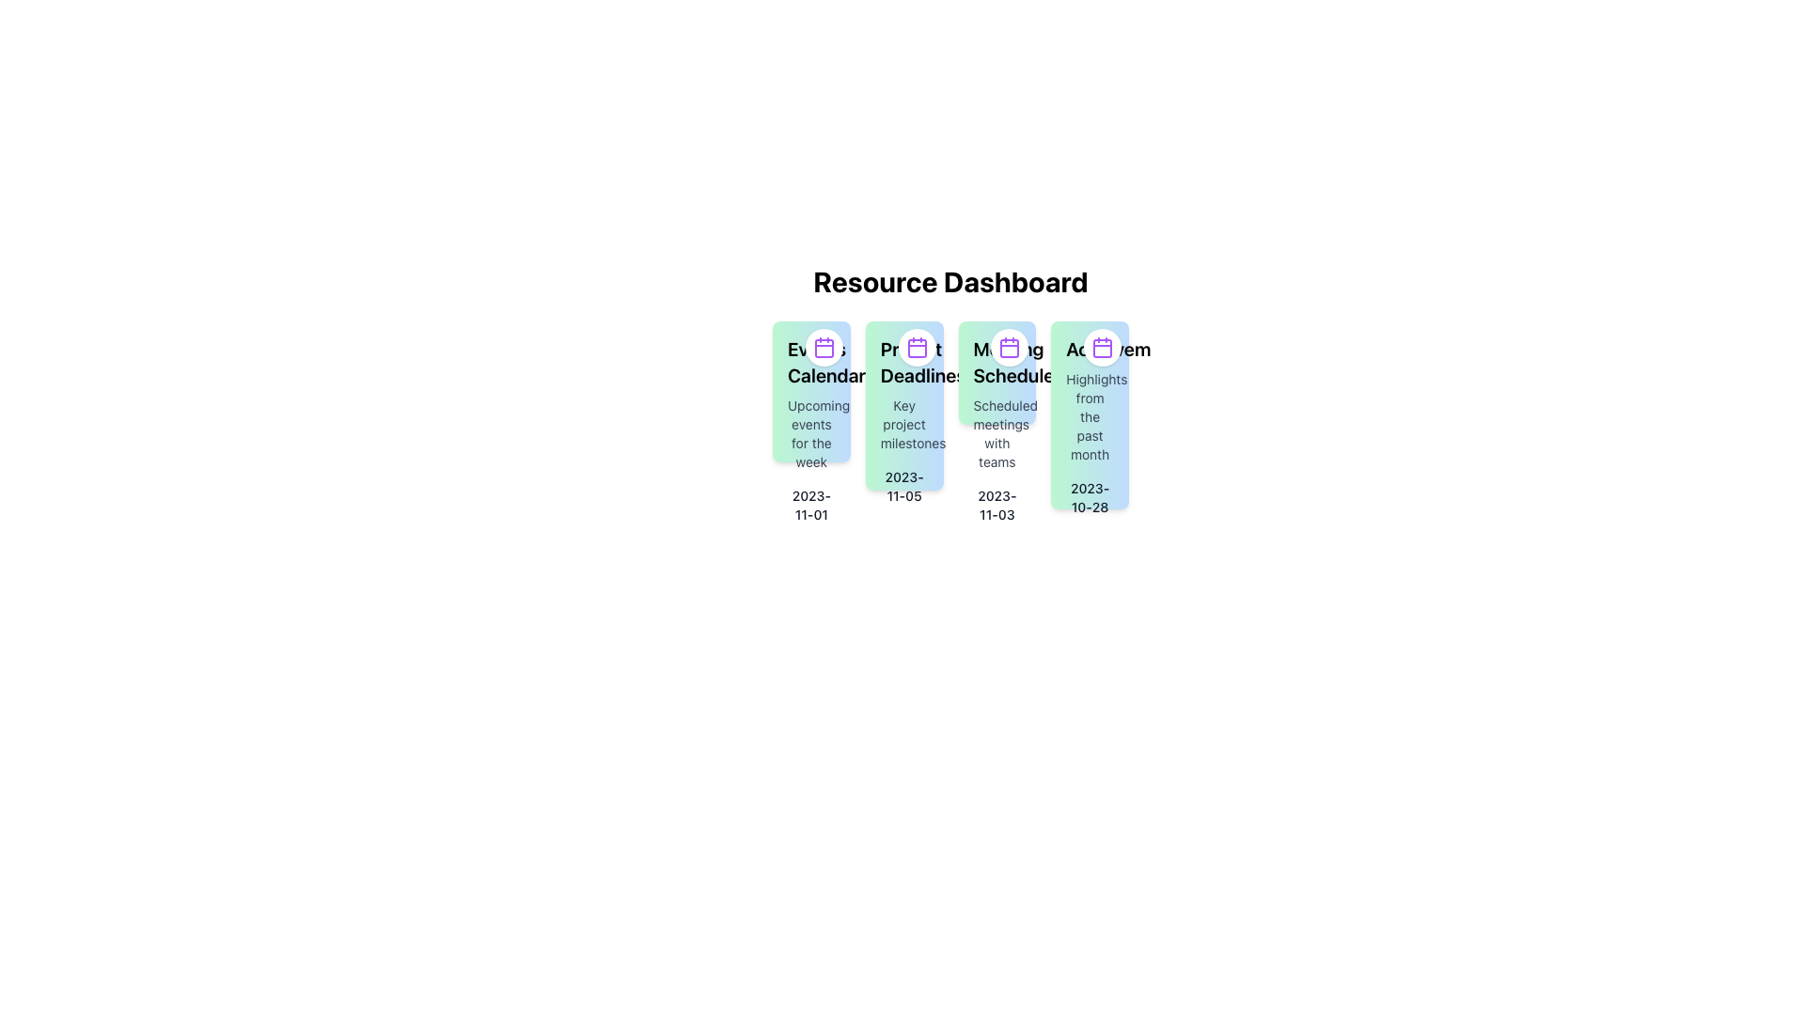  What do you see at coordinates (996, 434) in the screenshot?
I see `the descriptive text element that provides information about scheduled meetings, located below the title 'Meeting Schedules' and above the date '2023-11-03' in the third card of a series of four cards` at bounding box center [996, 434].